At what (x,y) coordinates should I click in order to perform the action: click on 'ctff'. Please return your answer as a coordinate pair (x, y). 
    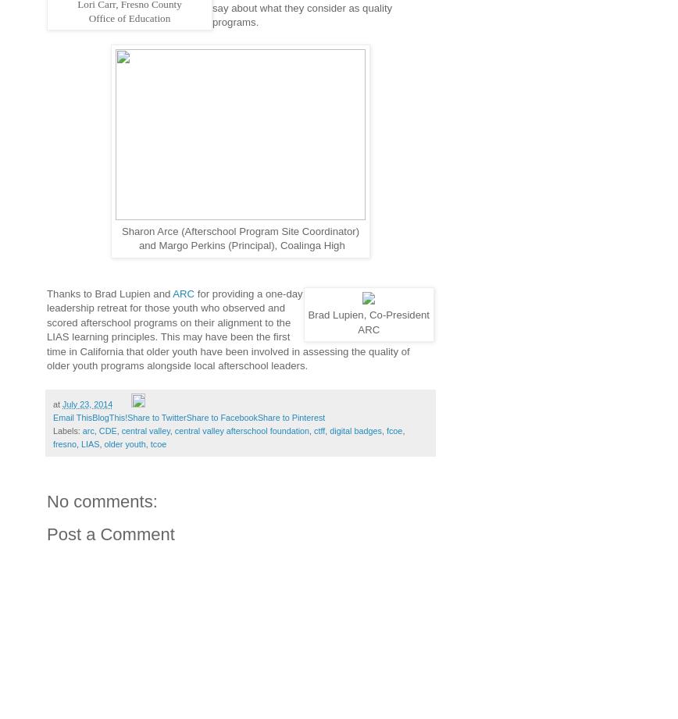
    Looking at the image, I should click on (313, 429).